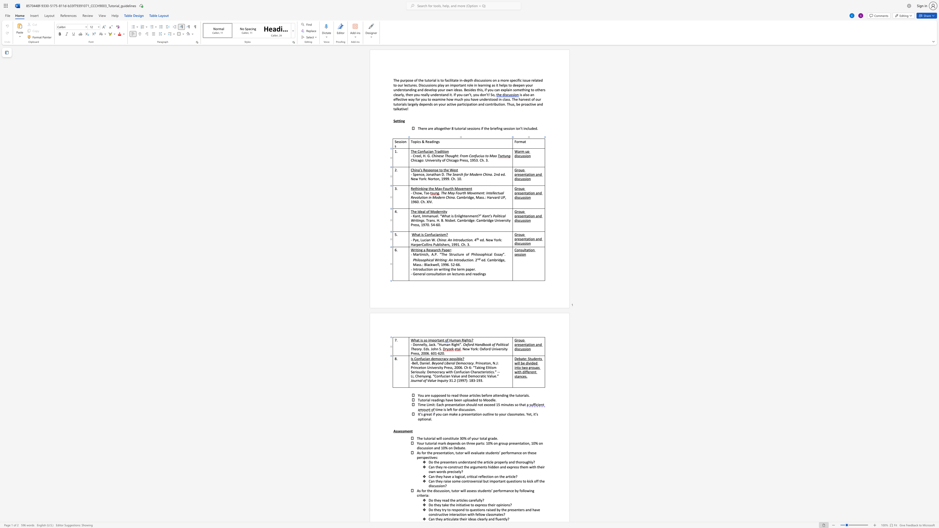  I want to click on the 1th character "s" in the text, so click(412, 358).